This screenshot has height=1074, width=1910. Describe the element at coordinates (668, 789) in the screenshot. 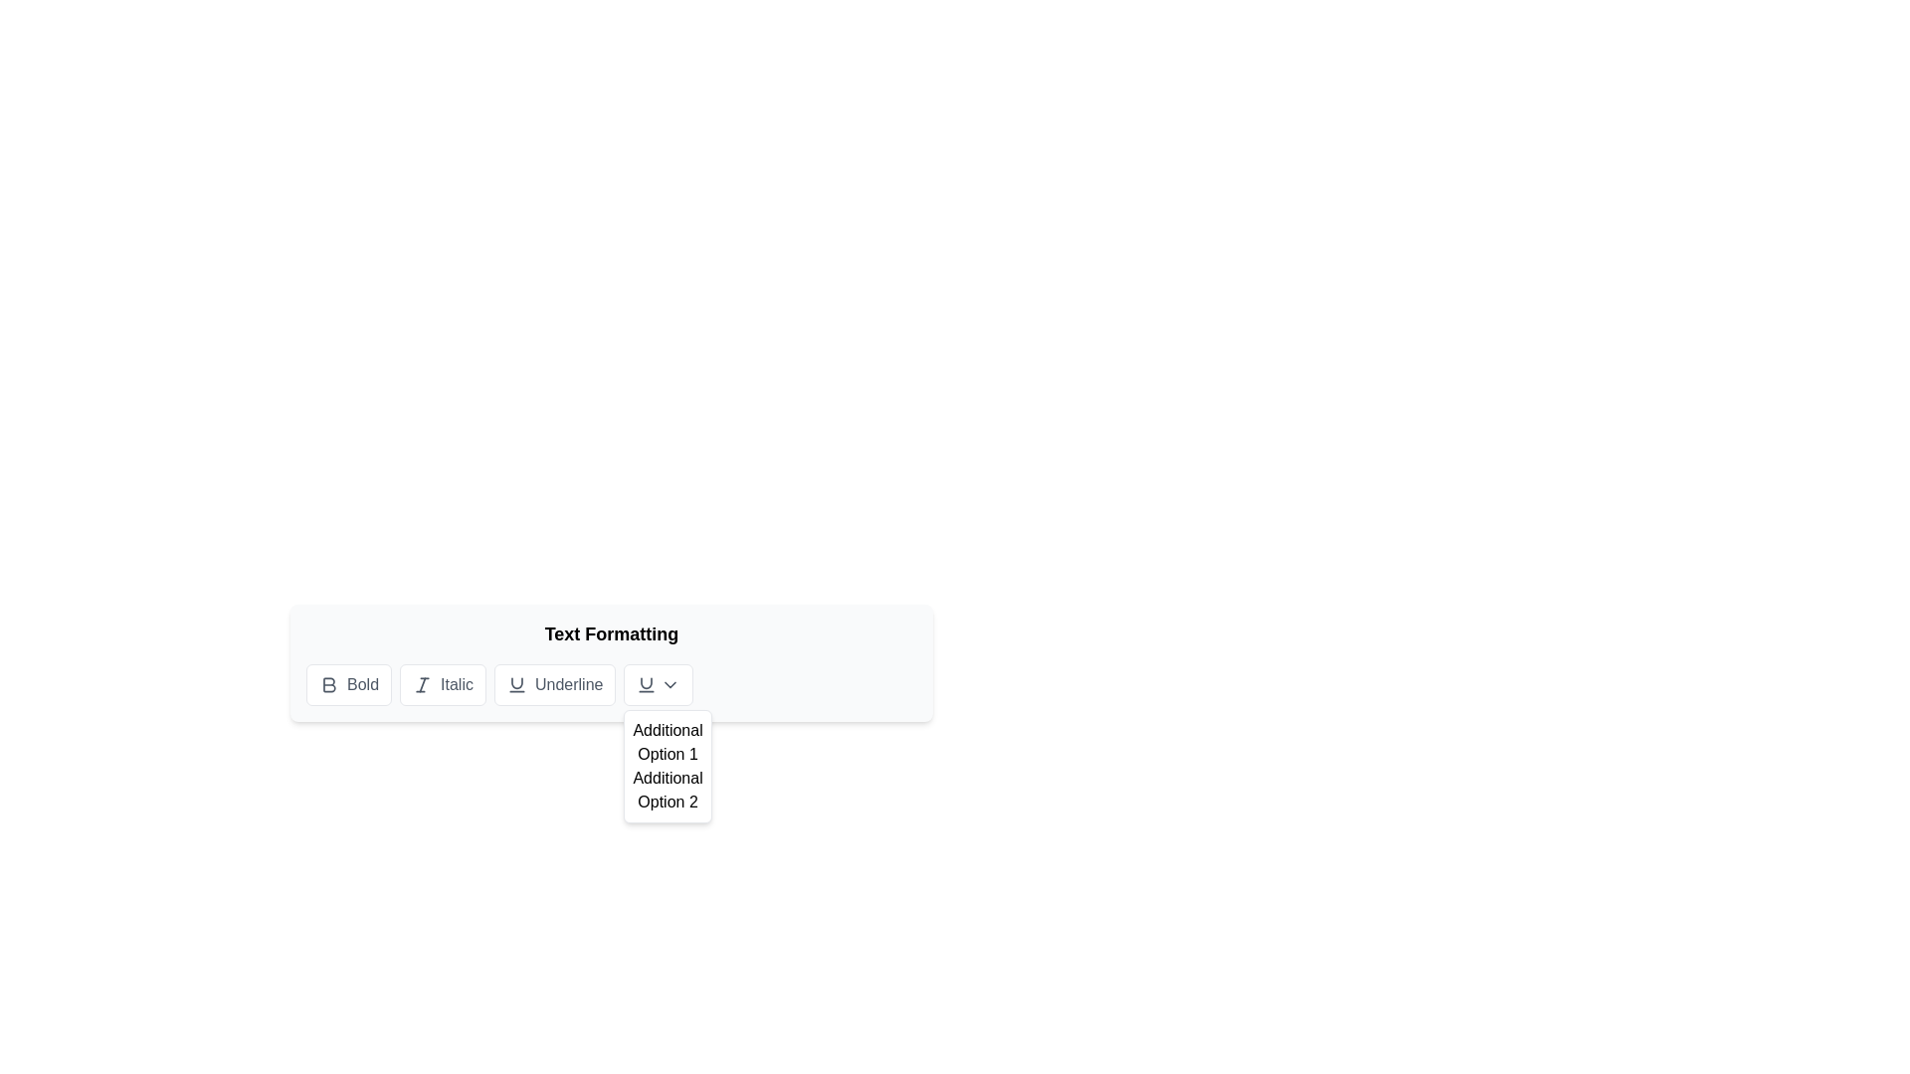

I see `the 'Additional Option 2' list item in the dropdown menu` at that location.